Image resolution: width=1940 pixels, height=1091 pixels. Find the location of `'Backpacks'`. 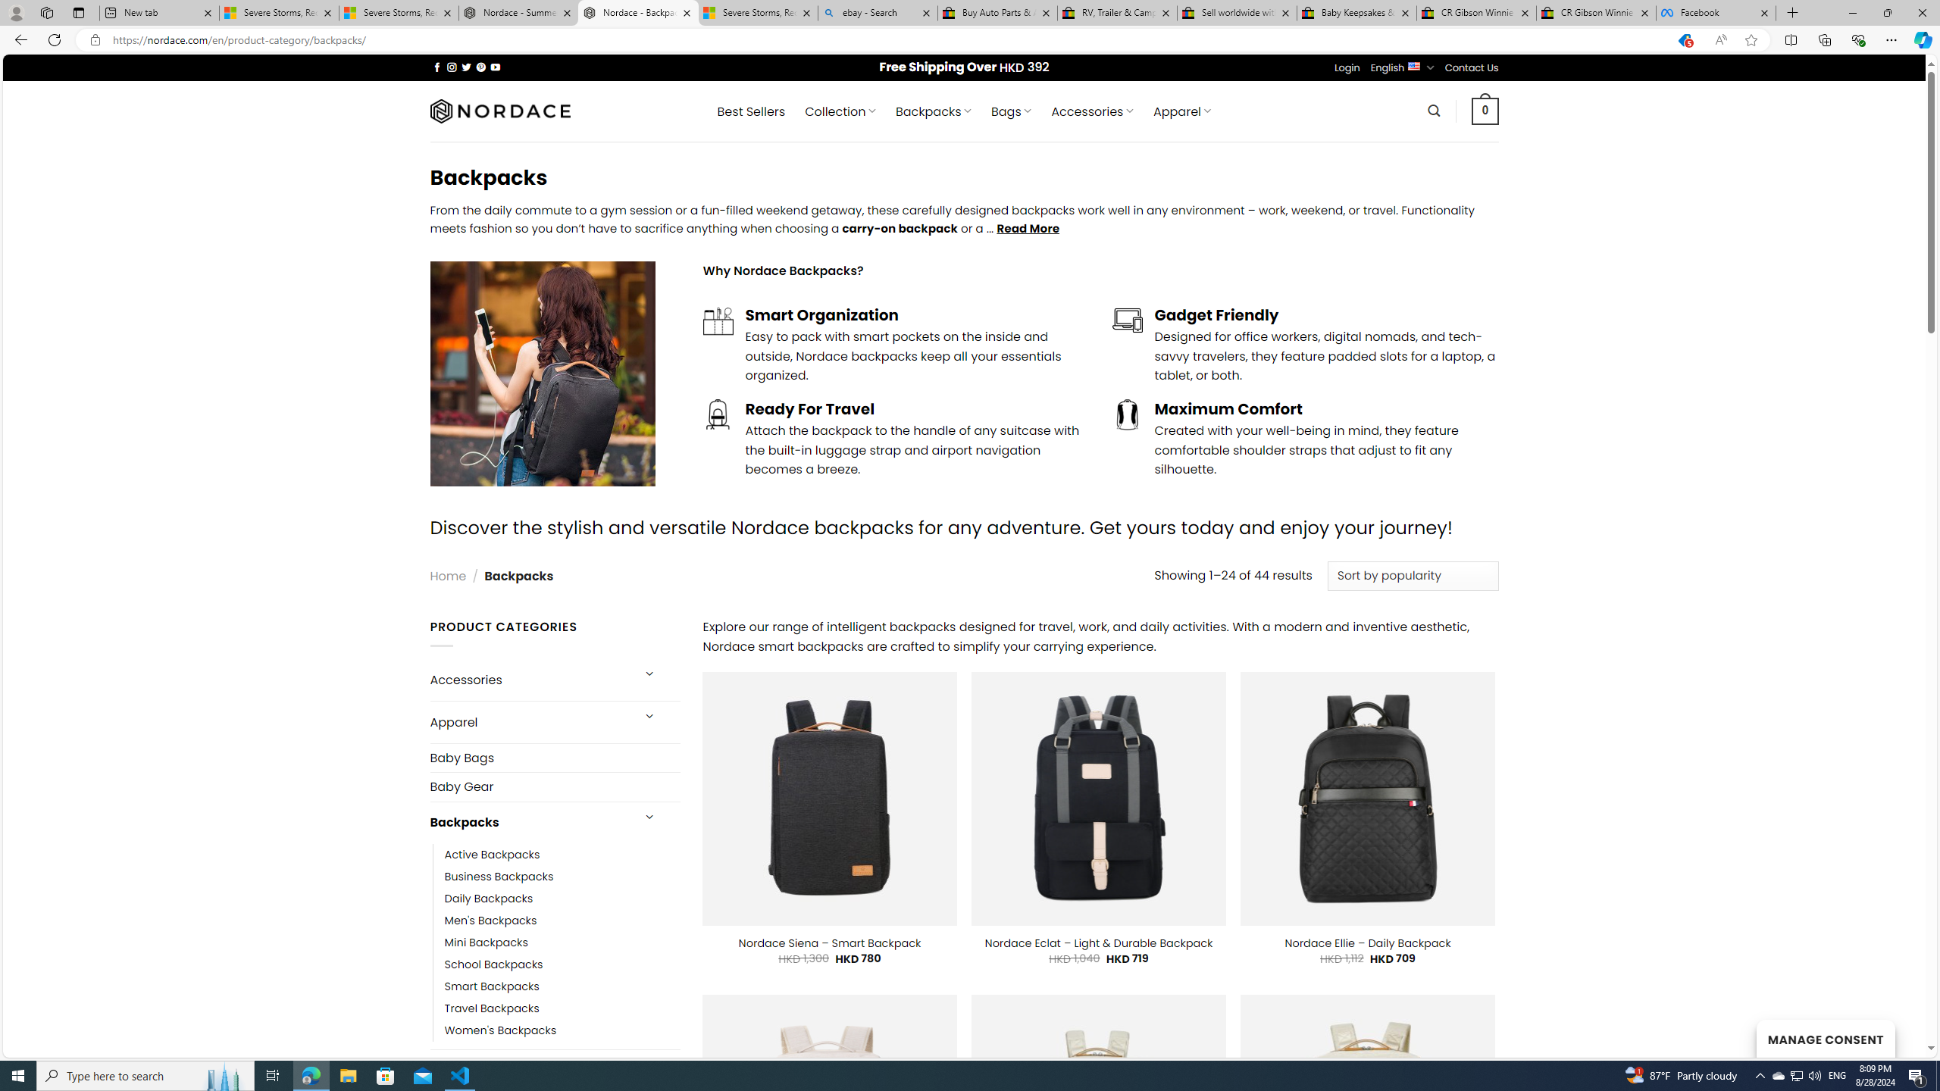

'Backpacks' is located at coordinates (528, 822).